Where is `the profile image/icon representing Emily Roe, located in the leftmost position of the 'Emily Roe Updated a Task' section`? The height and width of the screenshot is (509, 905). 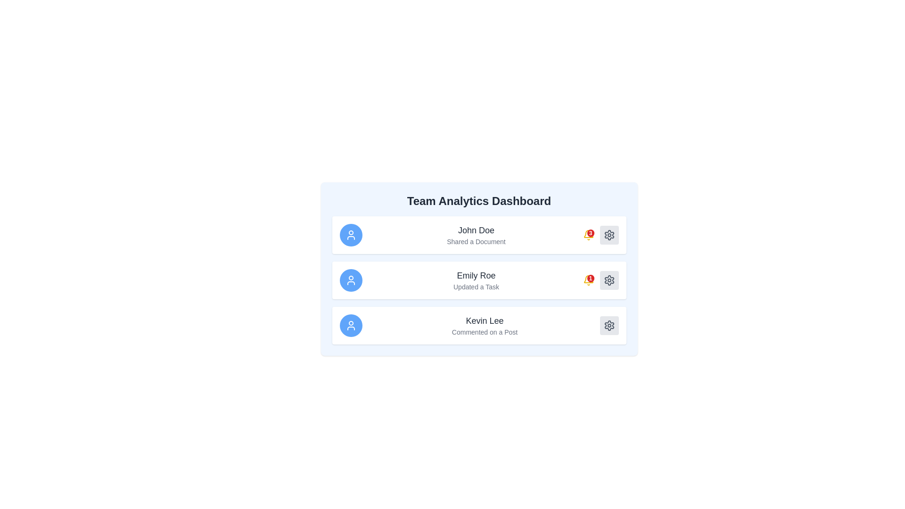
the profile image/icon representing Emily Roe, located in the leftmost position of the 'Emily Roe Updated a Task' section is located at coordinates (350, 279).